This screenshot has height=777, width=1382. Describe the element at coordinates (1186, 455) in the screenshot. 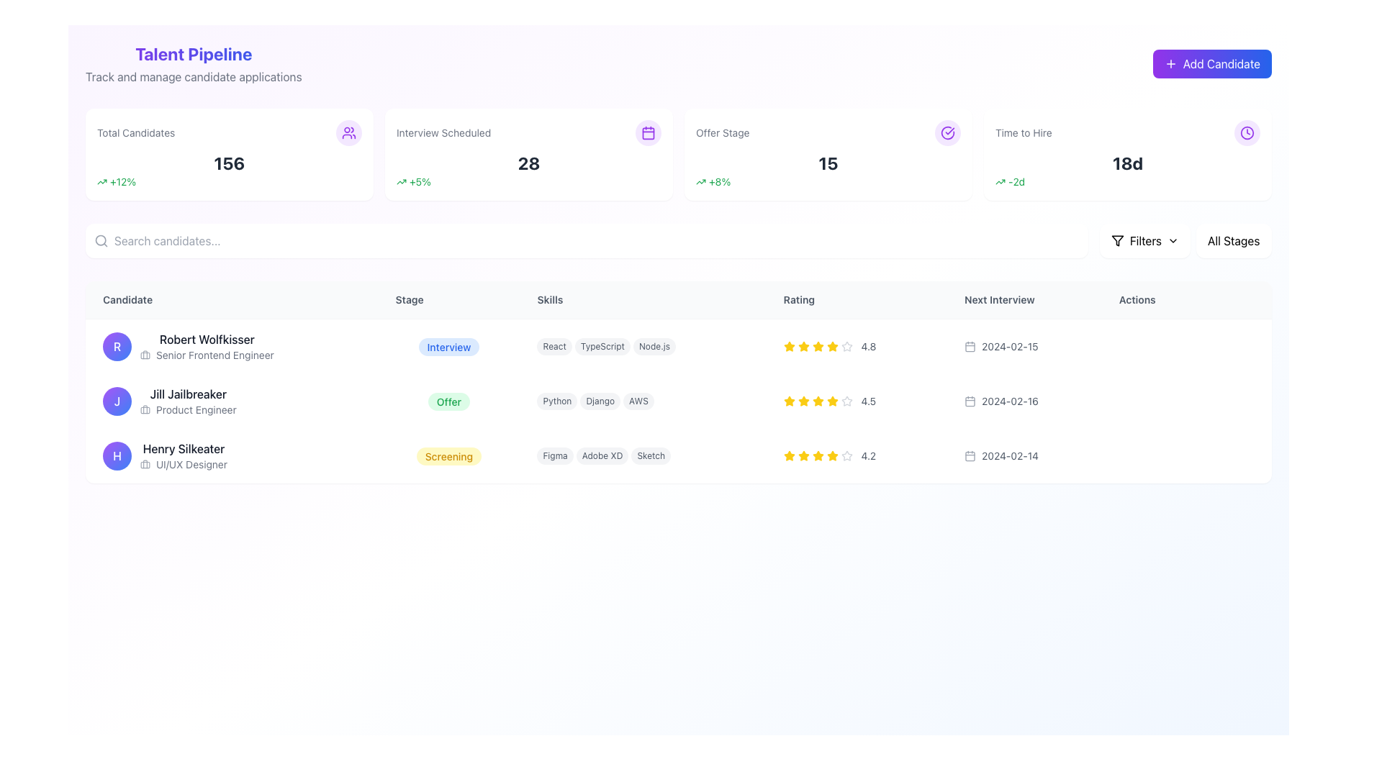

I see `the Table Cell in the 'Actions' column for 'Henry Silkeater' which may serve as a placeholder for future interactive elements` at that location.